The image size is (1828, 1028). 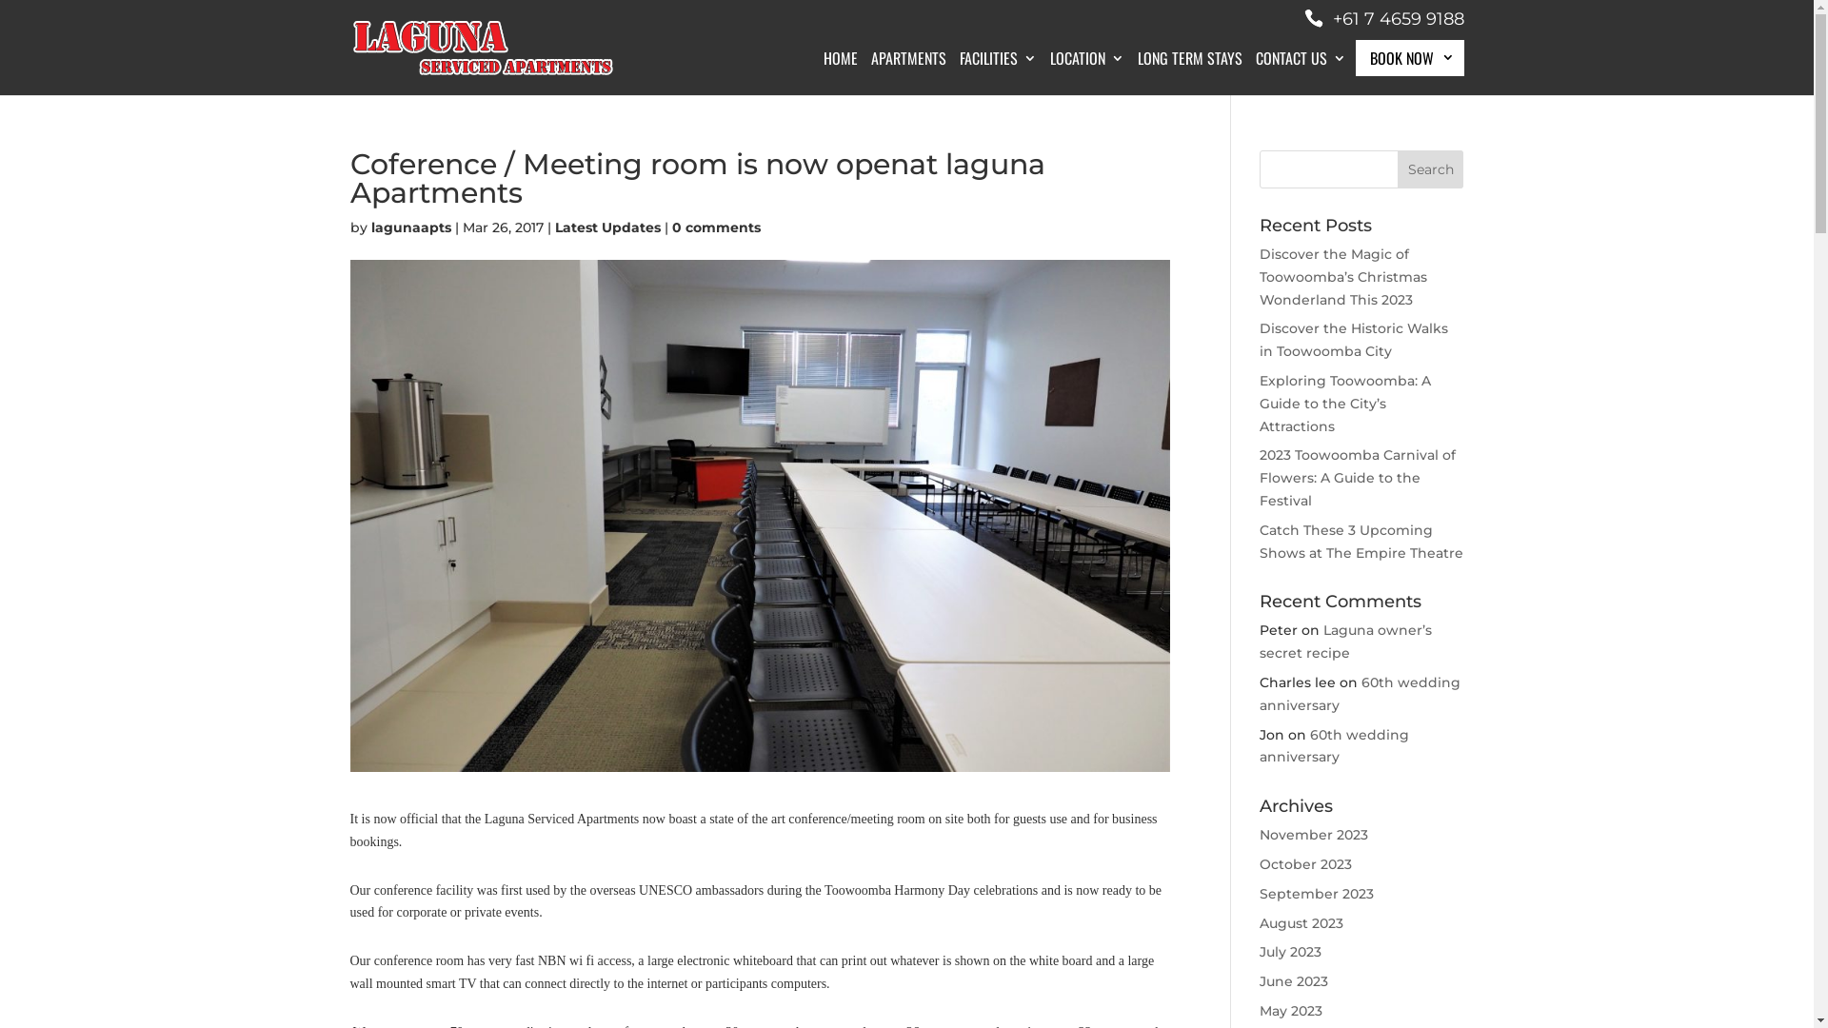 I want to click on 'Search', so click(x=1430, y=168).